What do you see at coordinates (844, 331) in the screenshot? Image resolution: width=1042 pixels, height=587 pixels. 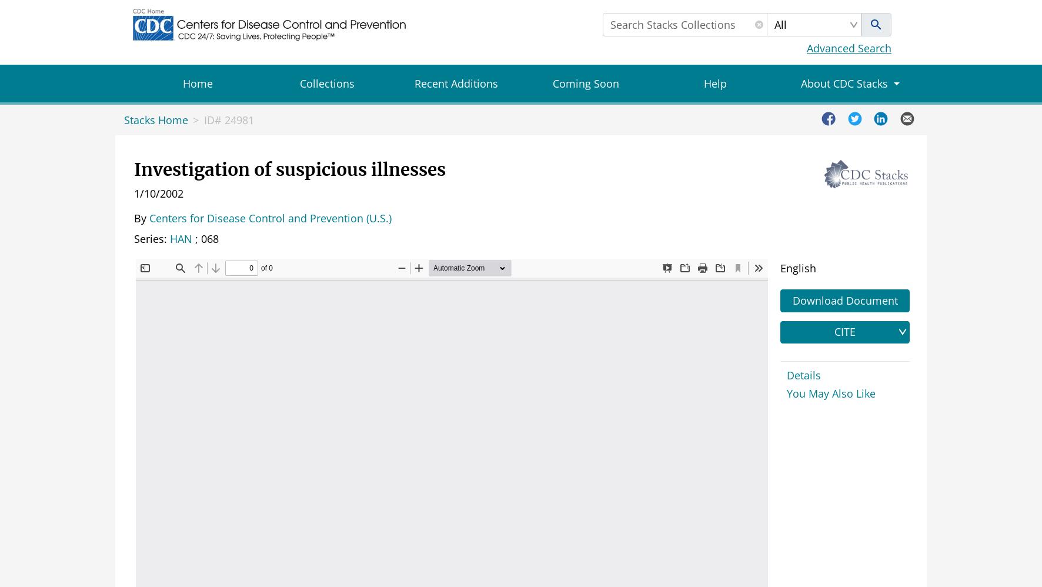 I see `'CITE'` at bounding box center [844, 331].